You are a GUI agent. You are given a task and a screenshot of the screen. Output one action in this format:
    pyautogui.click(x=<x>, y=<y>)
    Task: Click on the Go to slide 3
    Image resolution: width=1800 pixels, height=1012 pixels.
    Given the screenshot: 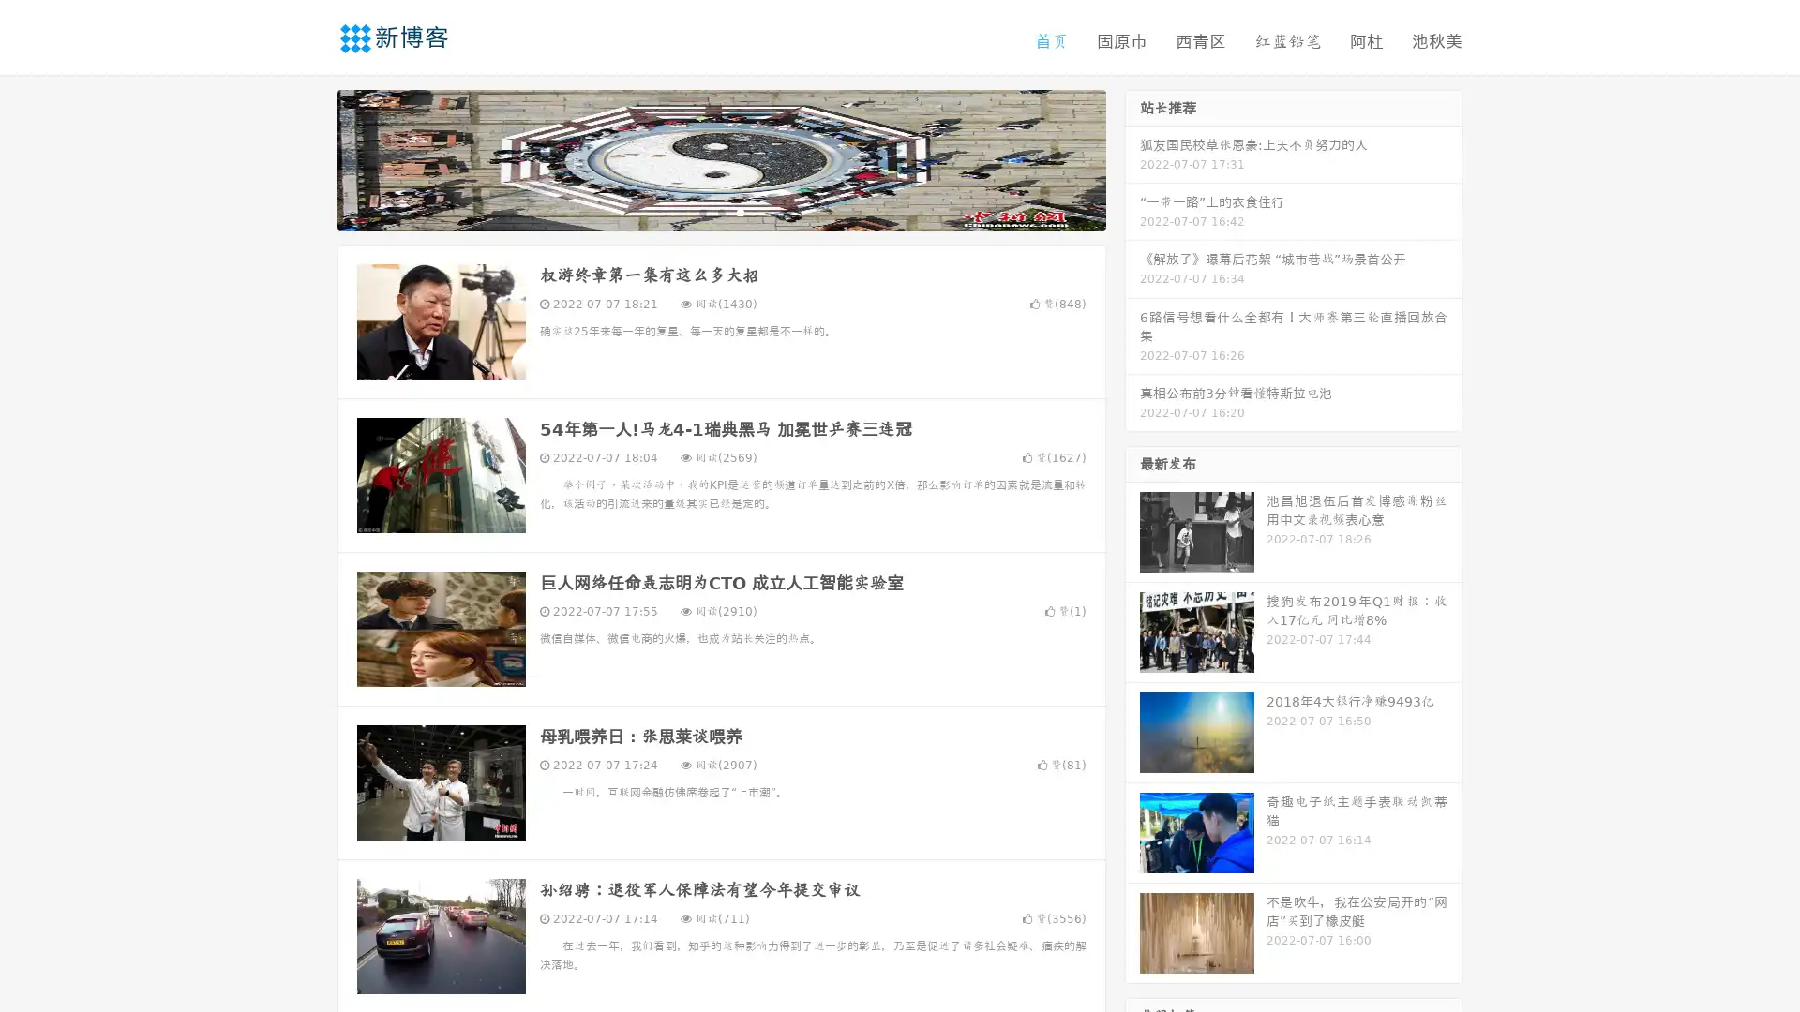 What is the action you would take?
    pyautogui.click(x=740, y=211)
    